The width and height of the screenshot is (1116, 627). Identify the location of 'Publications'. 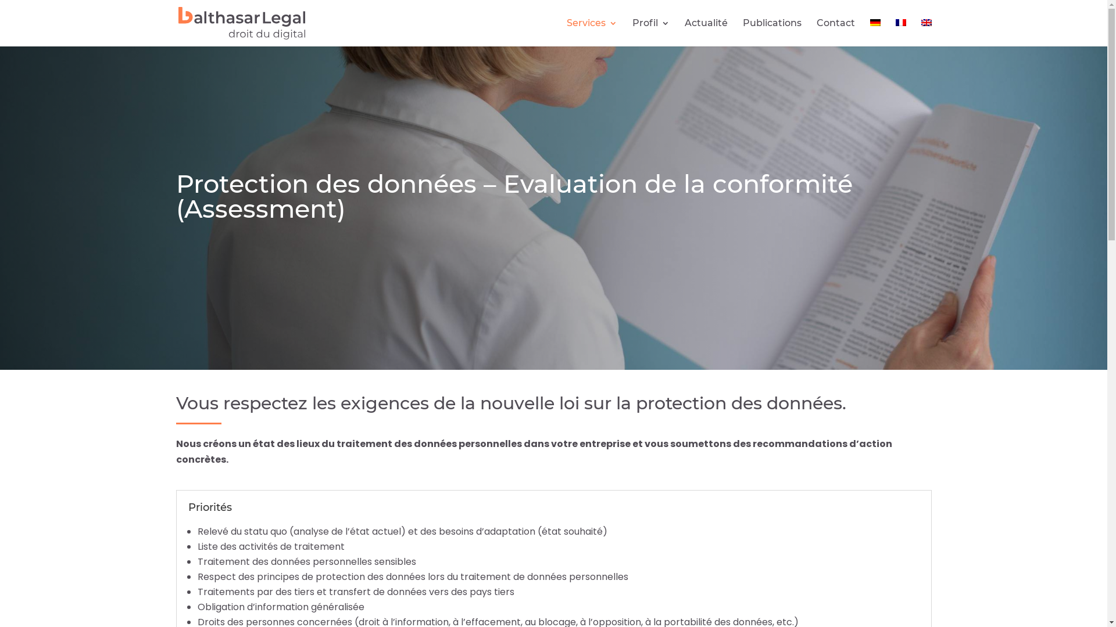
(772, 32).